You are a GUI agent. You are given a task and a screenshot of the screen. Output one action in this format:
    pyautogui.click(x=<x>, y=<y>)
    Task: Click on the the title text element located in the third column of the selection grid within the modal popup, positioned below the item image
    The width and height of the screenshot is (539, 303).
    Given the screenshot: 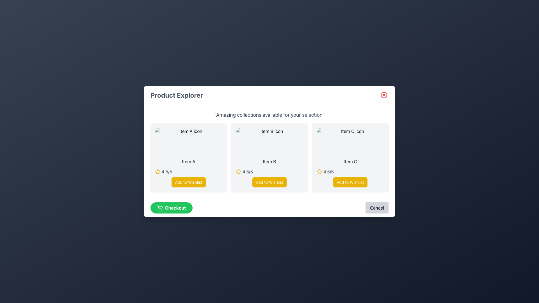 What is the action you would take?
    pyautogui.click(x=350, y=161)
    